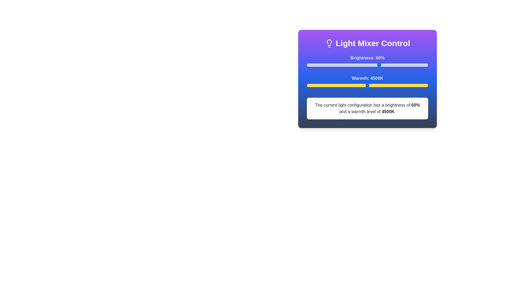 The image size is (520, 293). Describe the element at coordinates (390, 85) in the screenshot. I see `the warmth slider to set the warmth level to 5443 K` at that location.